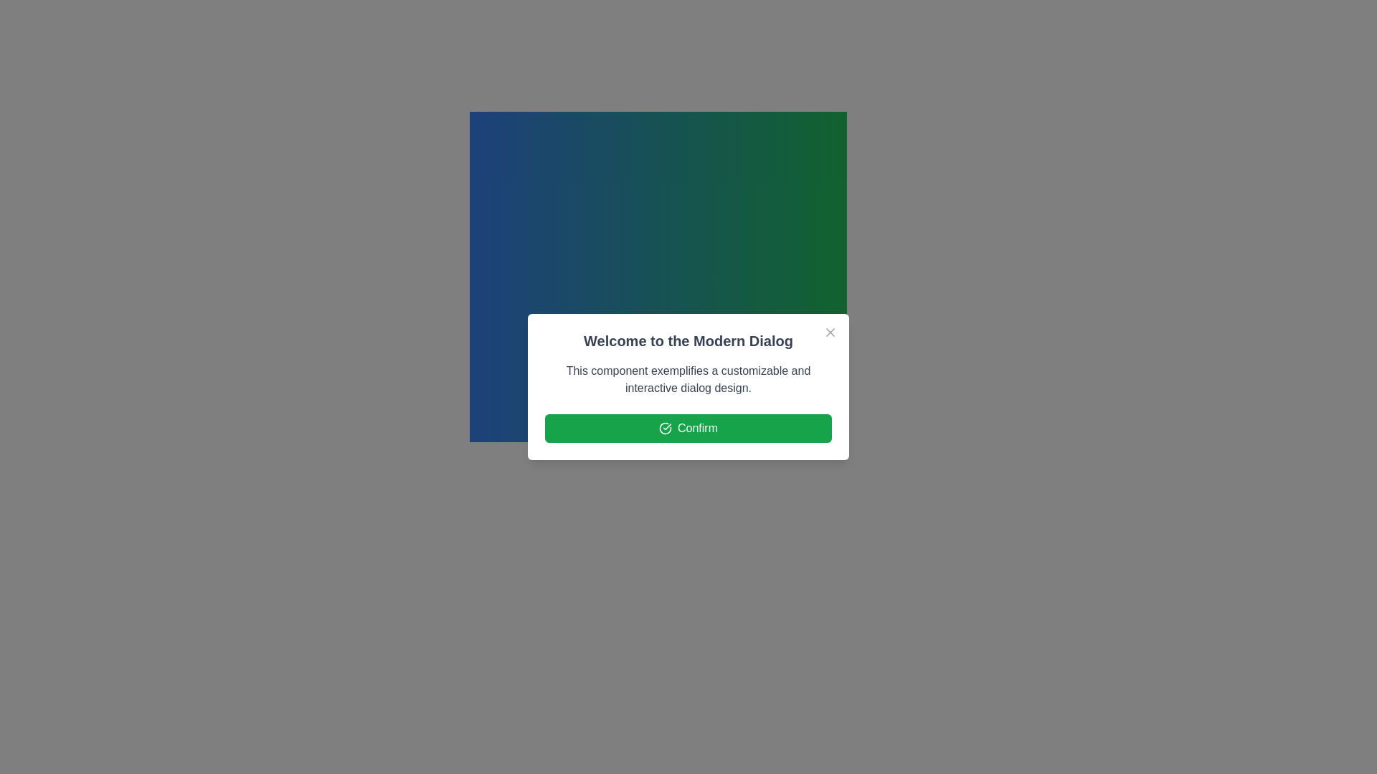 The image size is (1377, 774). What do you see at coordinates (688, 378) in the screenshot?
I see `the text block that contains the content 'This component exemplifies a customizable and interactive dialog design.' which is located below the heading 'Welcome to the Modern Dialog'` at bounding box center [688, 378].